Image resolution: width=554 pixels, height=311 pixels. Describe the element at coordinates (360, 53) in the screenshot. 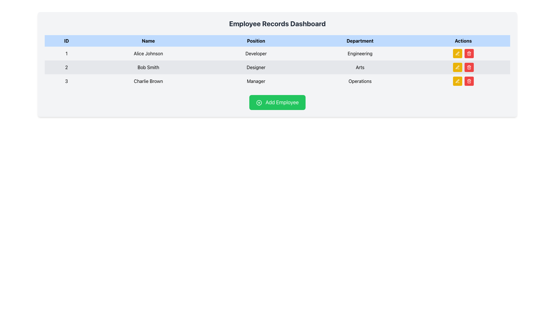

I see `the Static Text Label displaying 'Engineering' to select the text, which is` at that location.